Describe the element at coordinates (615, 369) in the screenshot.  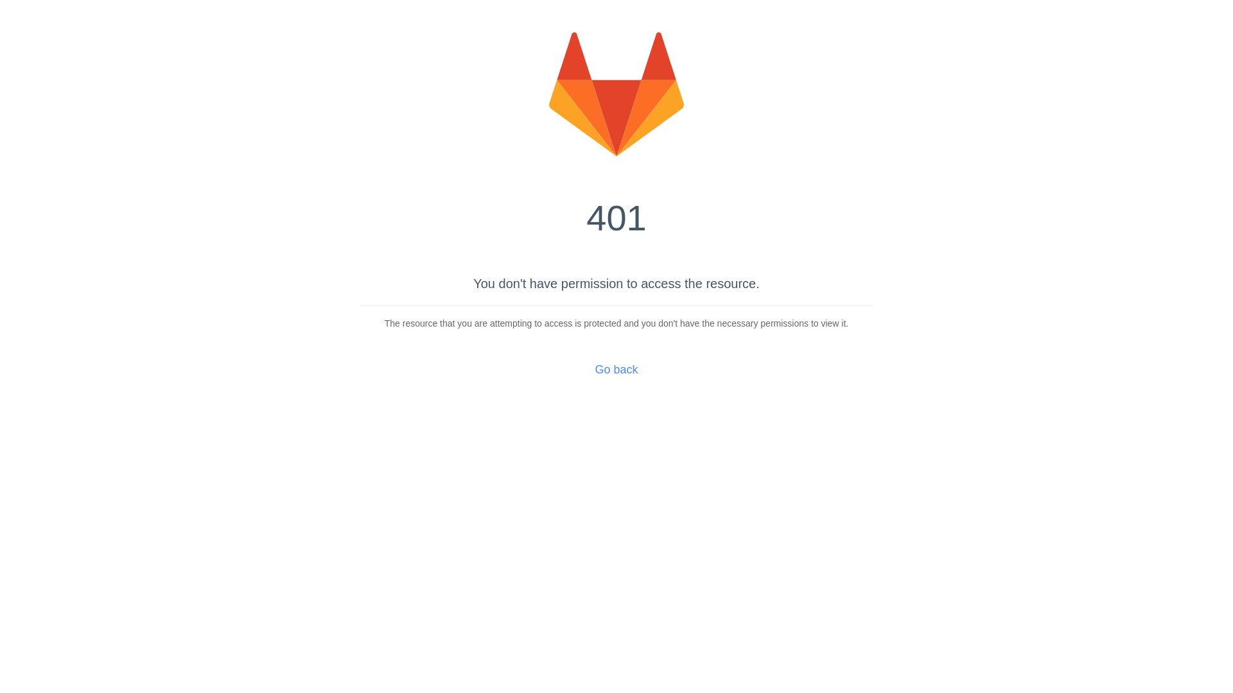
I see `'Go back'` at that location.